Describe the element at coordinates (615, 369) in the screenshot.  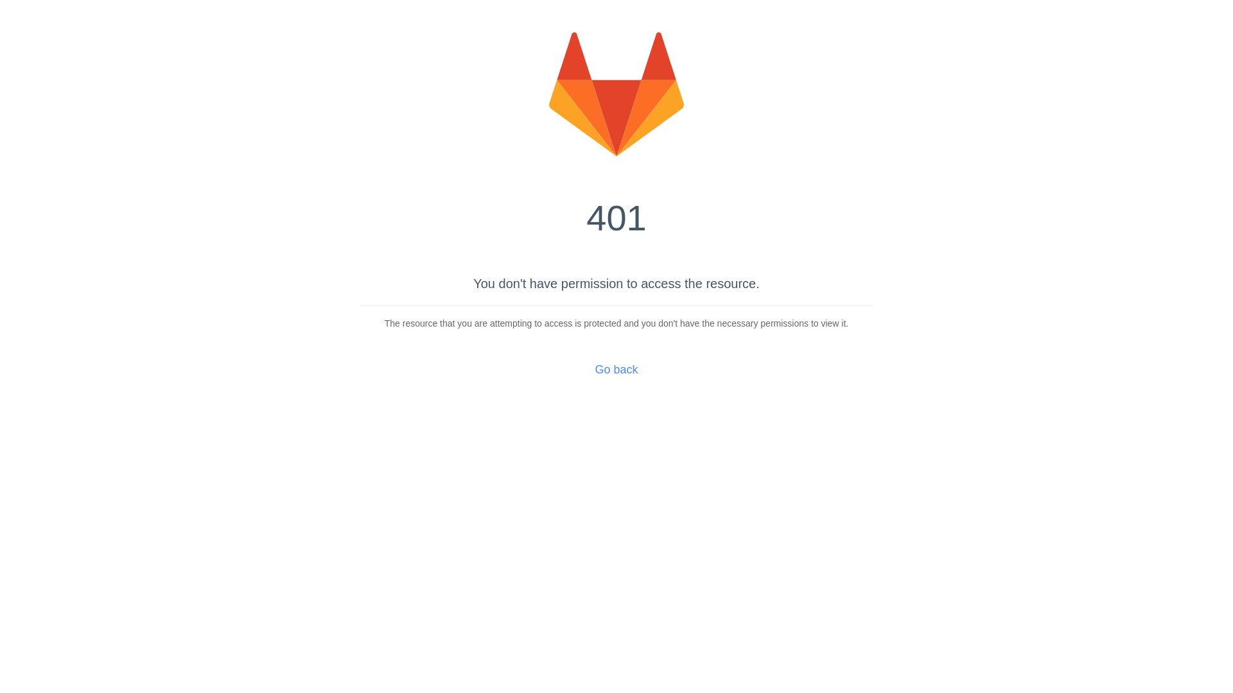
I see `'Go back'` at that location.